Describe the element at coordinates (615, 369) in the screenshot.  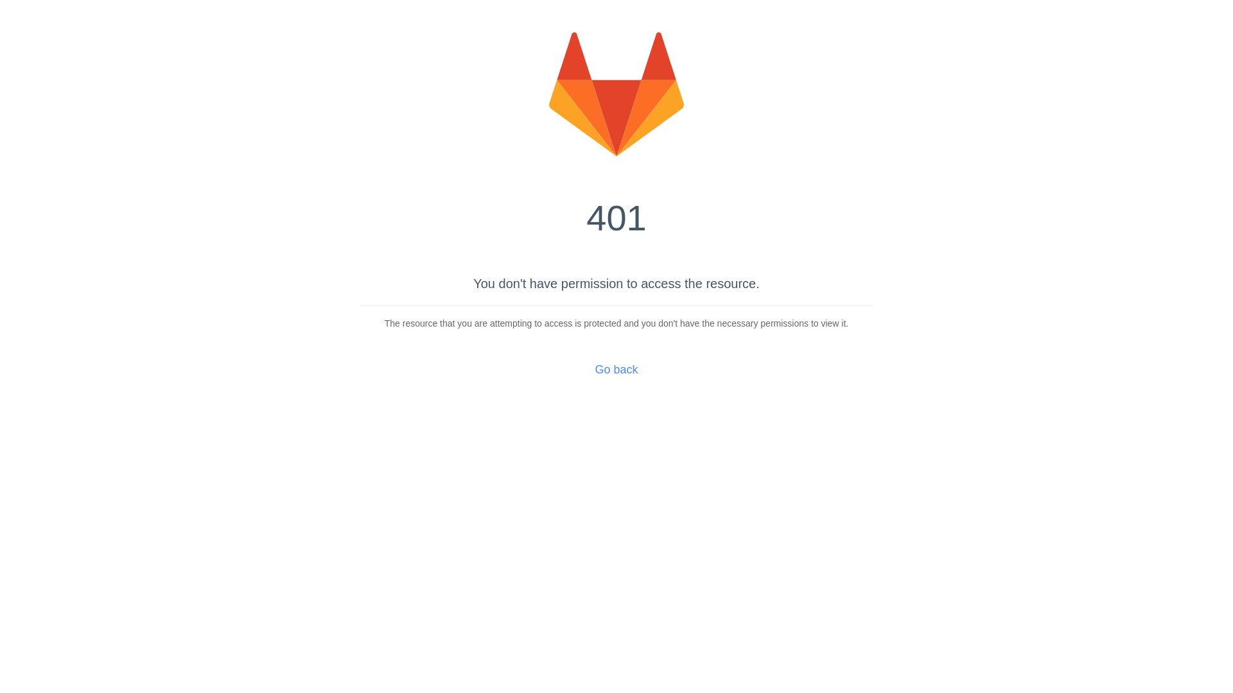
I see `'Go back'` at that location.